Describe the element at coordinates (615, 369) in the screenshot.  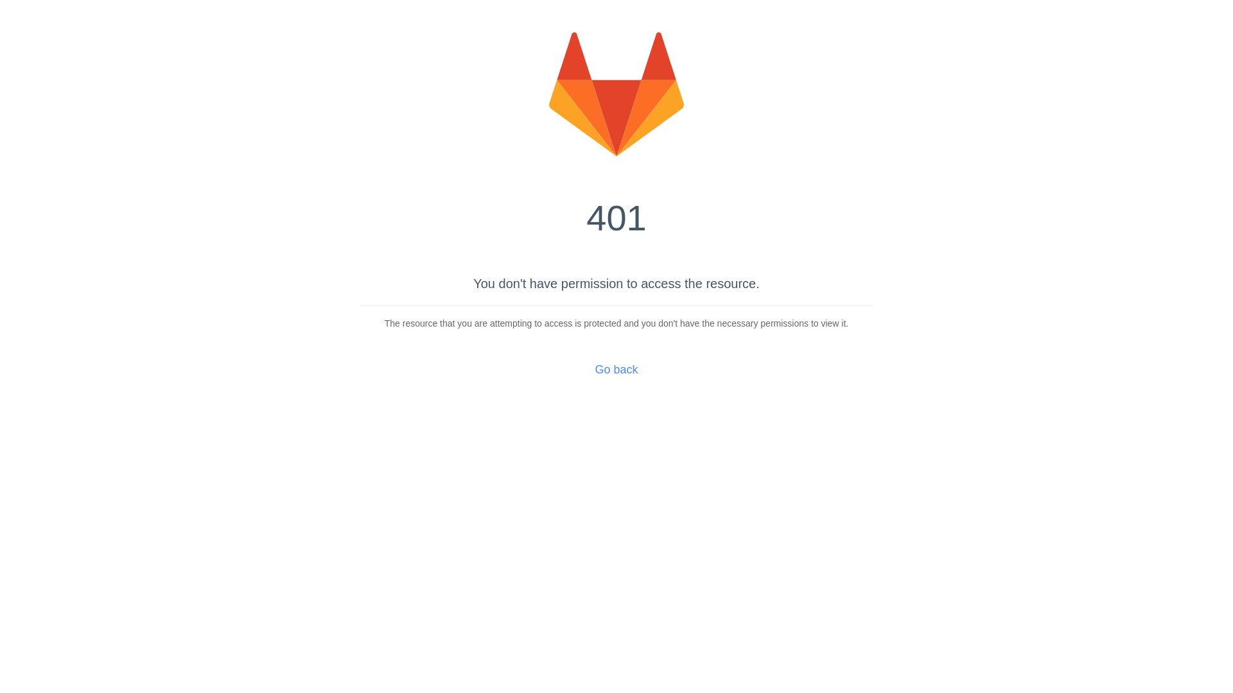
I see `'Go back'` at that location.